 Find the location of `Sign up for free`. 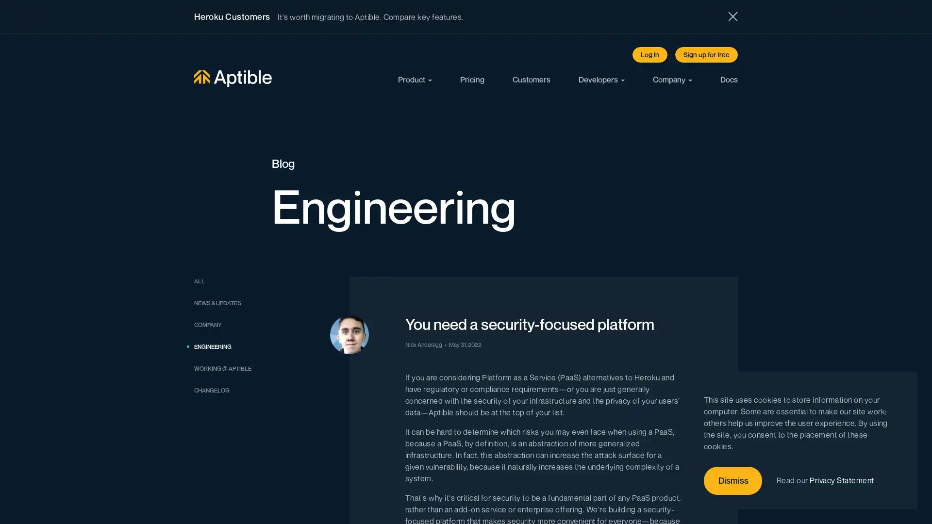

Sign up for free is located at coordinates (706, 54).